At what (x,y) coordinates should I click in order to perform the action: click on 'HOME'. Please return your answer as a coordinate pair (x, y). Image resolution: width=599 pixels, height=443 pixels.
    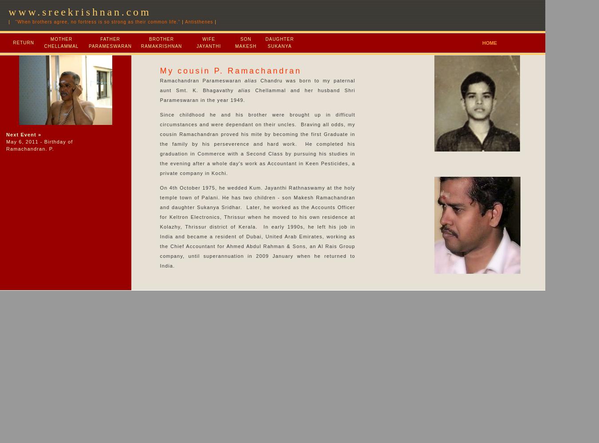
    Looking at the image, I should click on (489, 43).